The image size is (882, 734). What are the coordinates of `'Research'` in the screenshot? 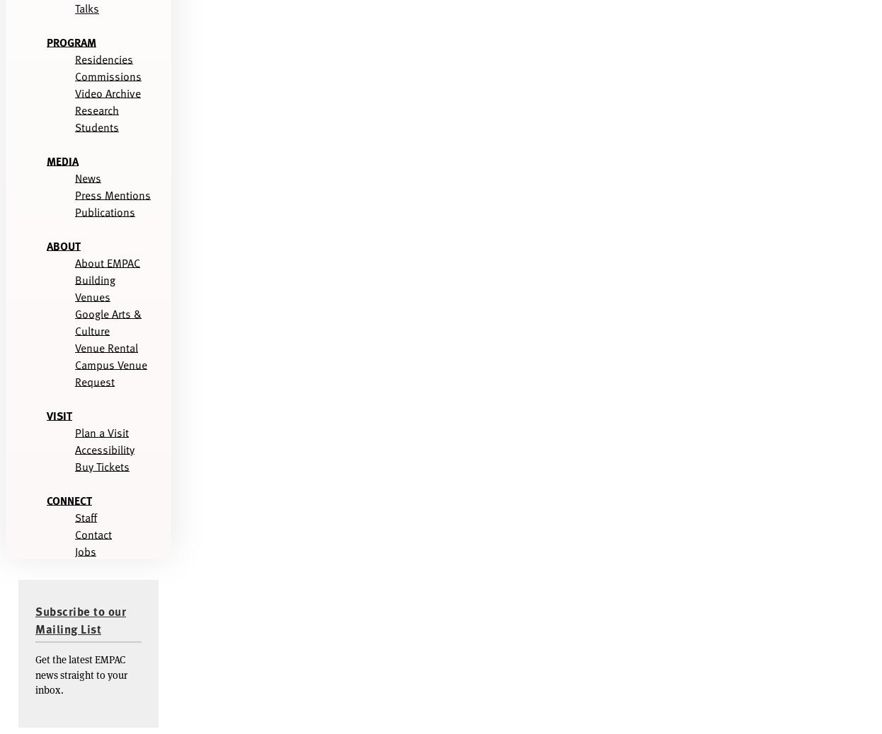 It's located at (97, 108).